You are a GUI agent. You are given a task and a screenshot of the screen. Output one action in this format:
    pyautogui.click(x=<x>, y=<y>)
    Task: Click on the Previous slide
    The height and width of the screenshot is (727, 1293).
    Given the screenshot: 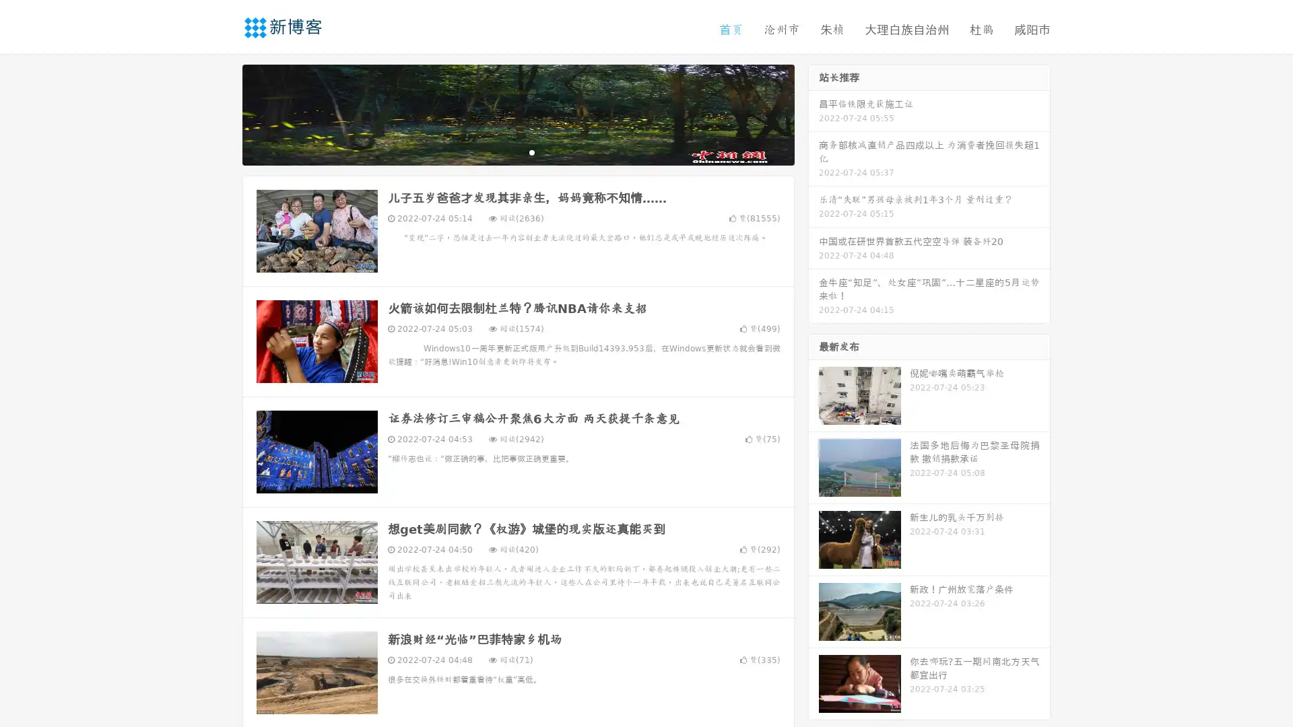 What is the action you would take?
    pyautogui.click(x=222, y=113)
    